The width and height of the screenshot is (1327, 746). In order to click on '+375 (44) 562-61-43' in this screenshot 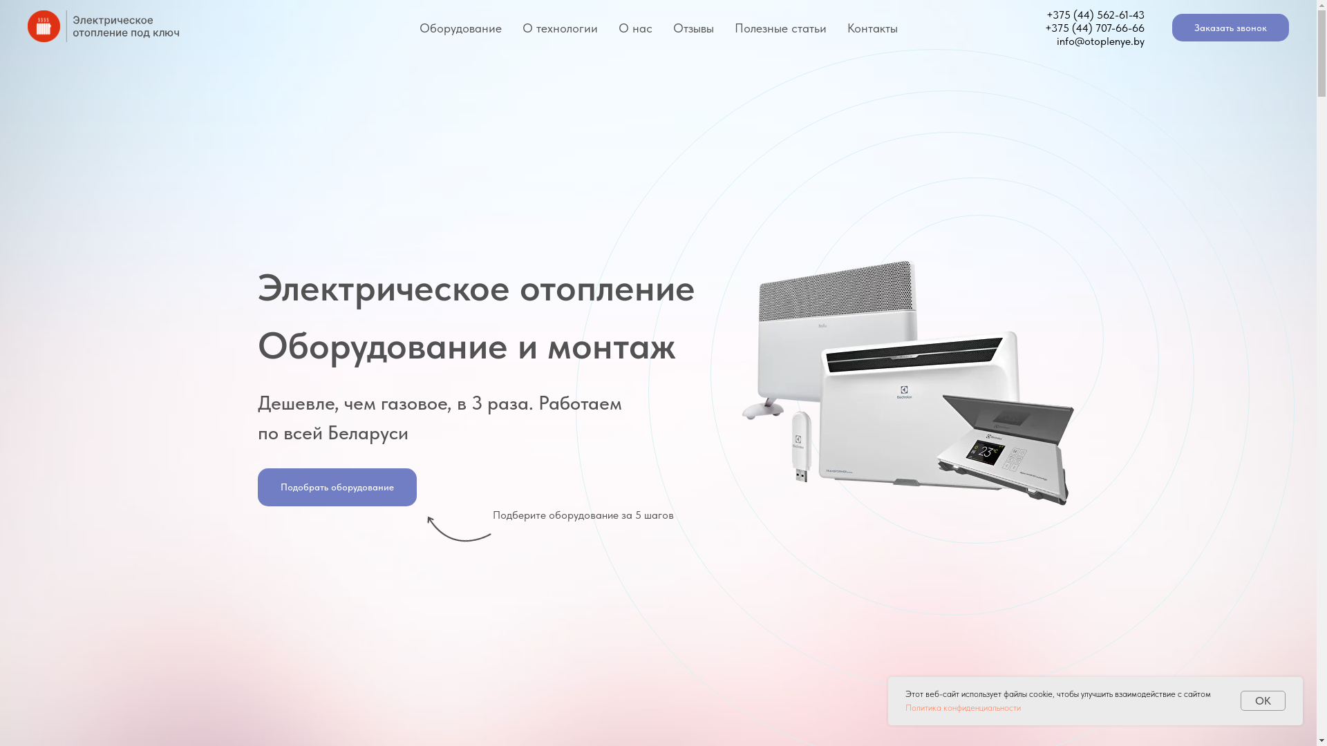, I will do `click(1094, 15)`.